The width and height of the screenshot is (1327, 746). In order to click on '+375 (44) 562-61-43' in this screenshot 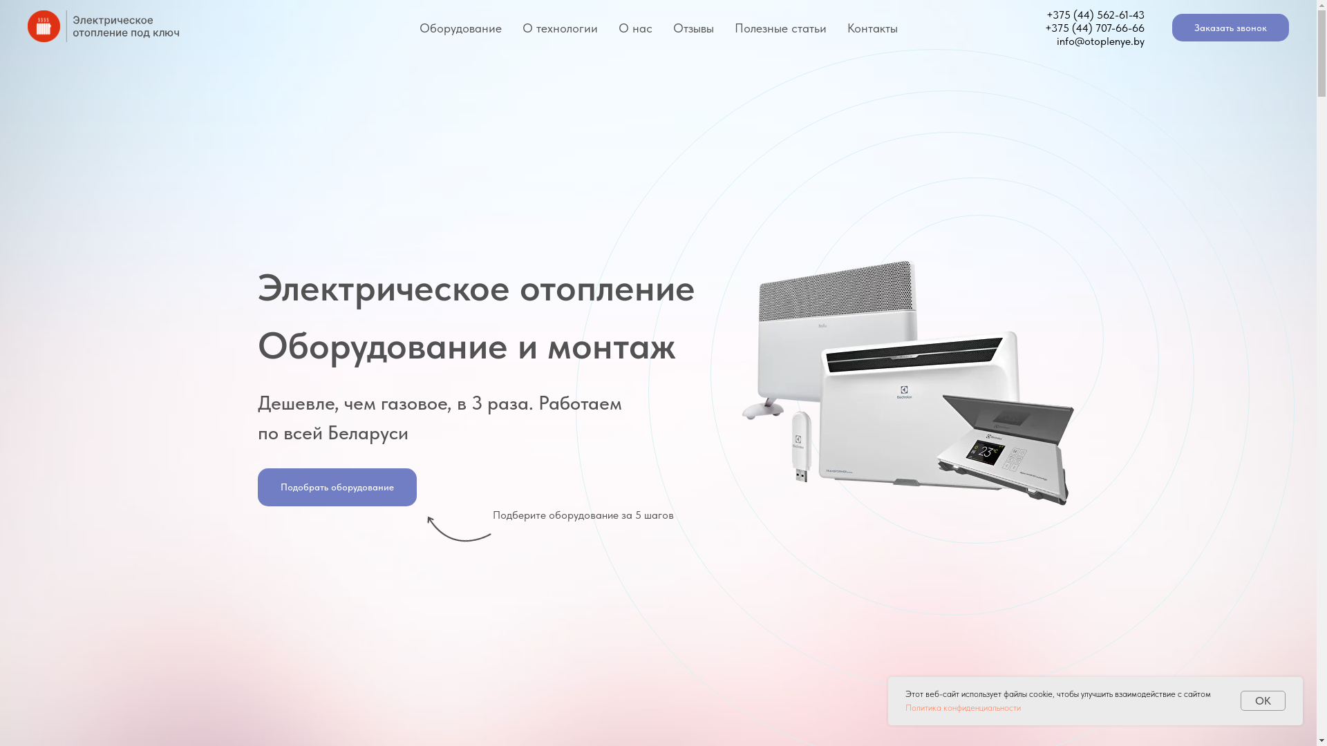, I will do `click(1094, 15)`.